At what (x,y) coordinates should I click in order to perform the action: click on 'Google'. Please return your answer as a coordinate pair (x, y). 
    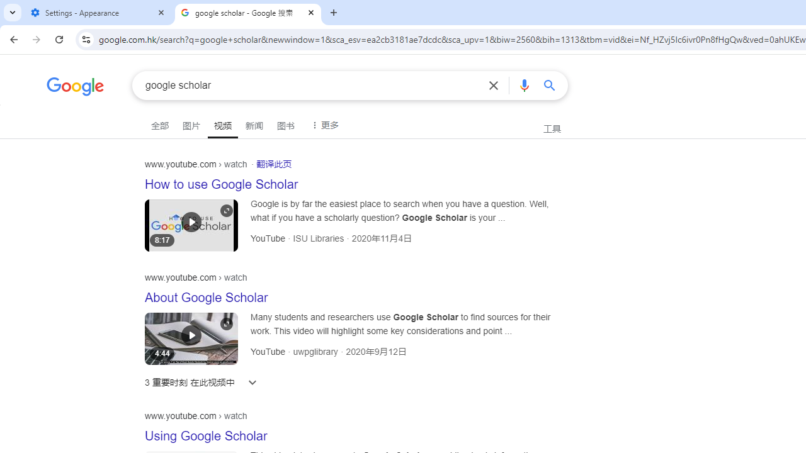
    Looking at the image, I should click on (75, 87).